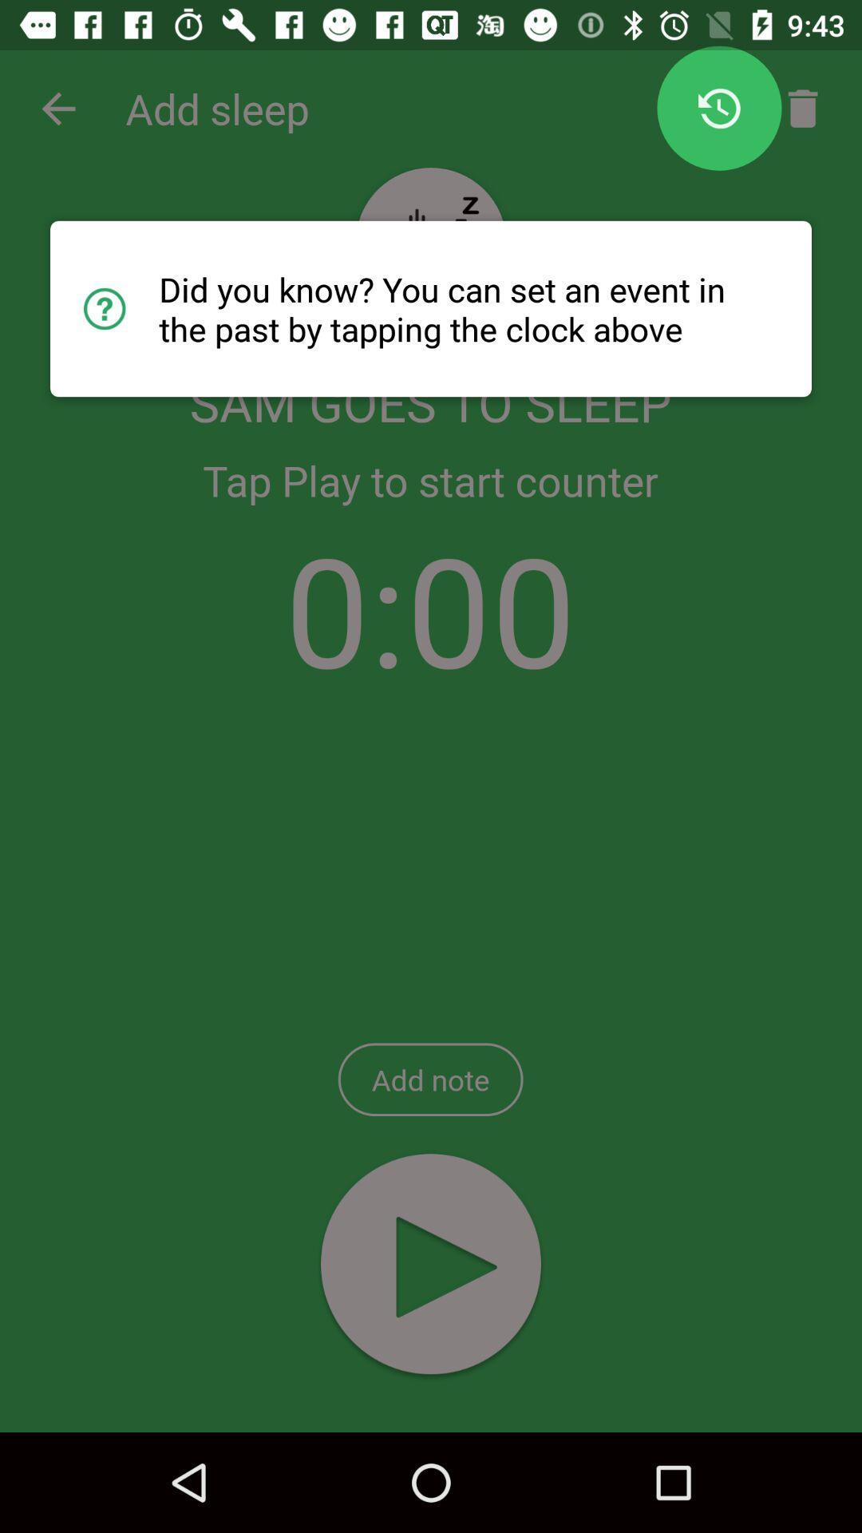 This screenshot has height=1533, width=862. Describe the element at coordinates (429, 1079) in the screenshot. I see `add note item` at that location.